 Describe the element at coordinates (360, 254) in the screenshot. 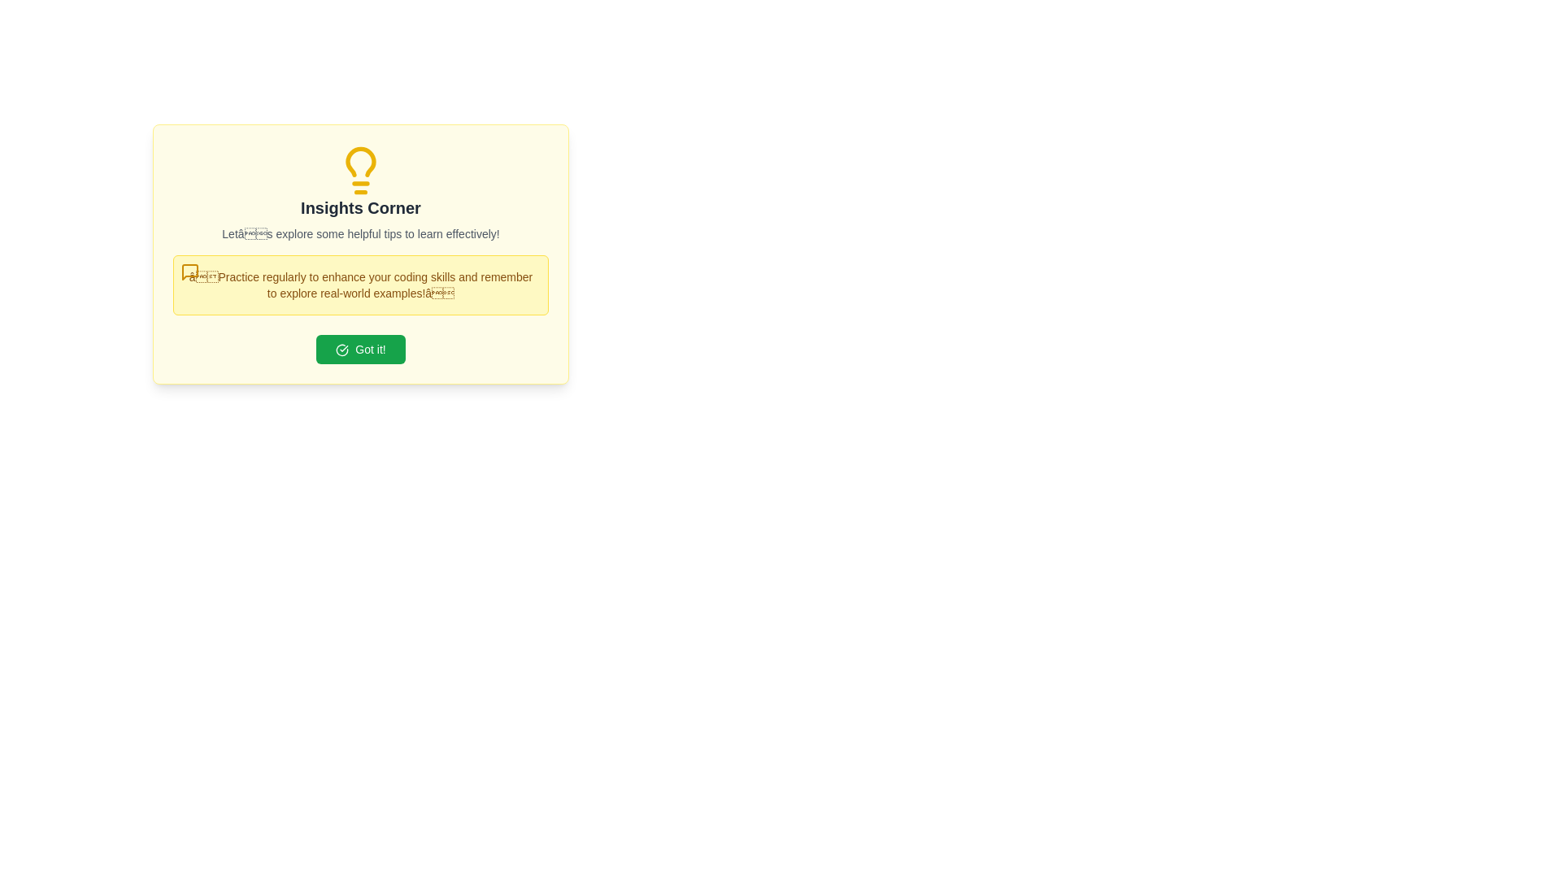

I see `the Informational Section located centrally below the title 'Insights Corner' and above the green 'Got it!' button` at that location.